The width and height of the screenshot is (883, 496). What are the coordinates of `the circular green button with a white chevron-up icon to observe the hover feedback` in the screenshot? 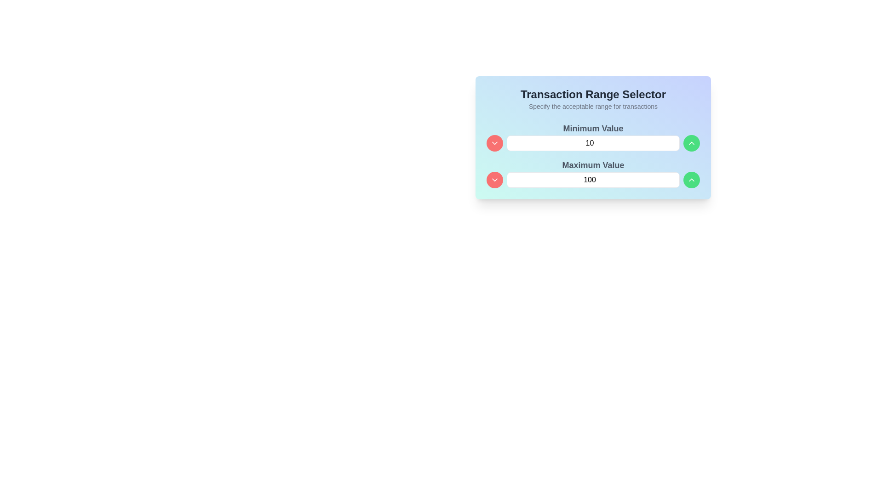 It's located at (691, 180).